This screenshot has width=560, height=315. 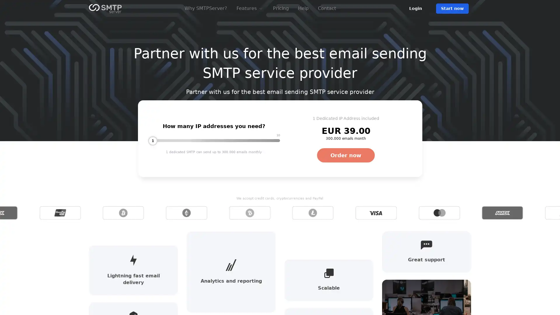 I want to click on Accept, so click(x=468, y=292).